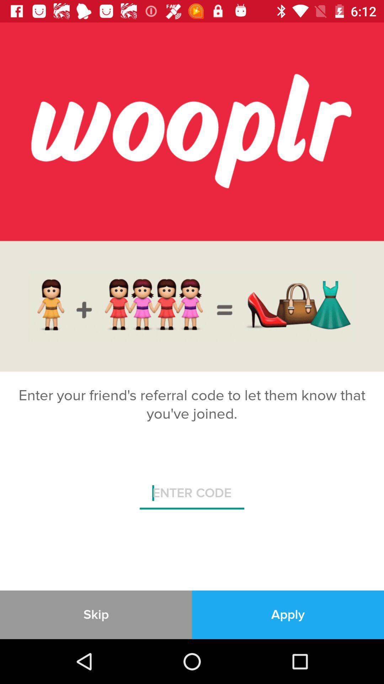 Image resolution: width=384 pixels, height=684 pixels. I want to click on the icon above skip, so click(192, 496).